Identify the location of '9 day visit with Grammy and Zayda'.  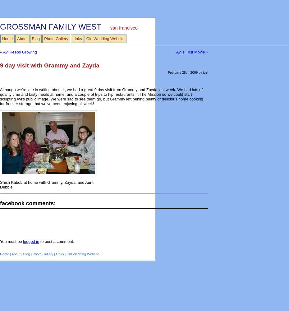
(49, 65).